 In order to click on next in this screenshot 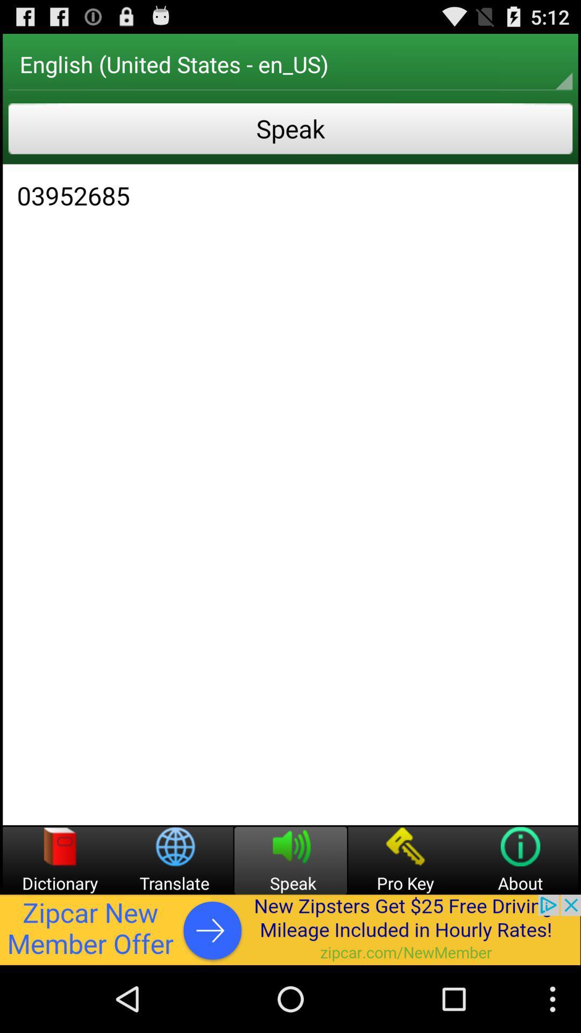, I will do `click(290, 929)`.